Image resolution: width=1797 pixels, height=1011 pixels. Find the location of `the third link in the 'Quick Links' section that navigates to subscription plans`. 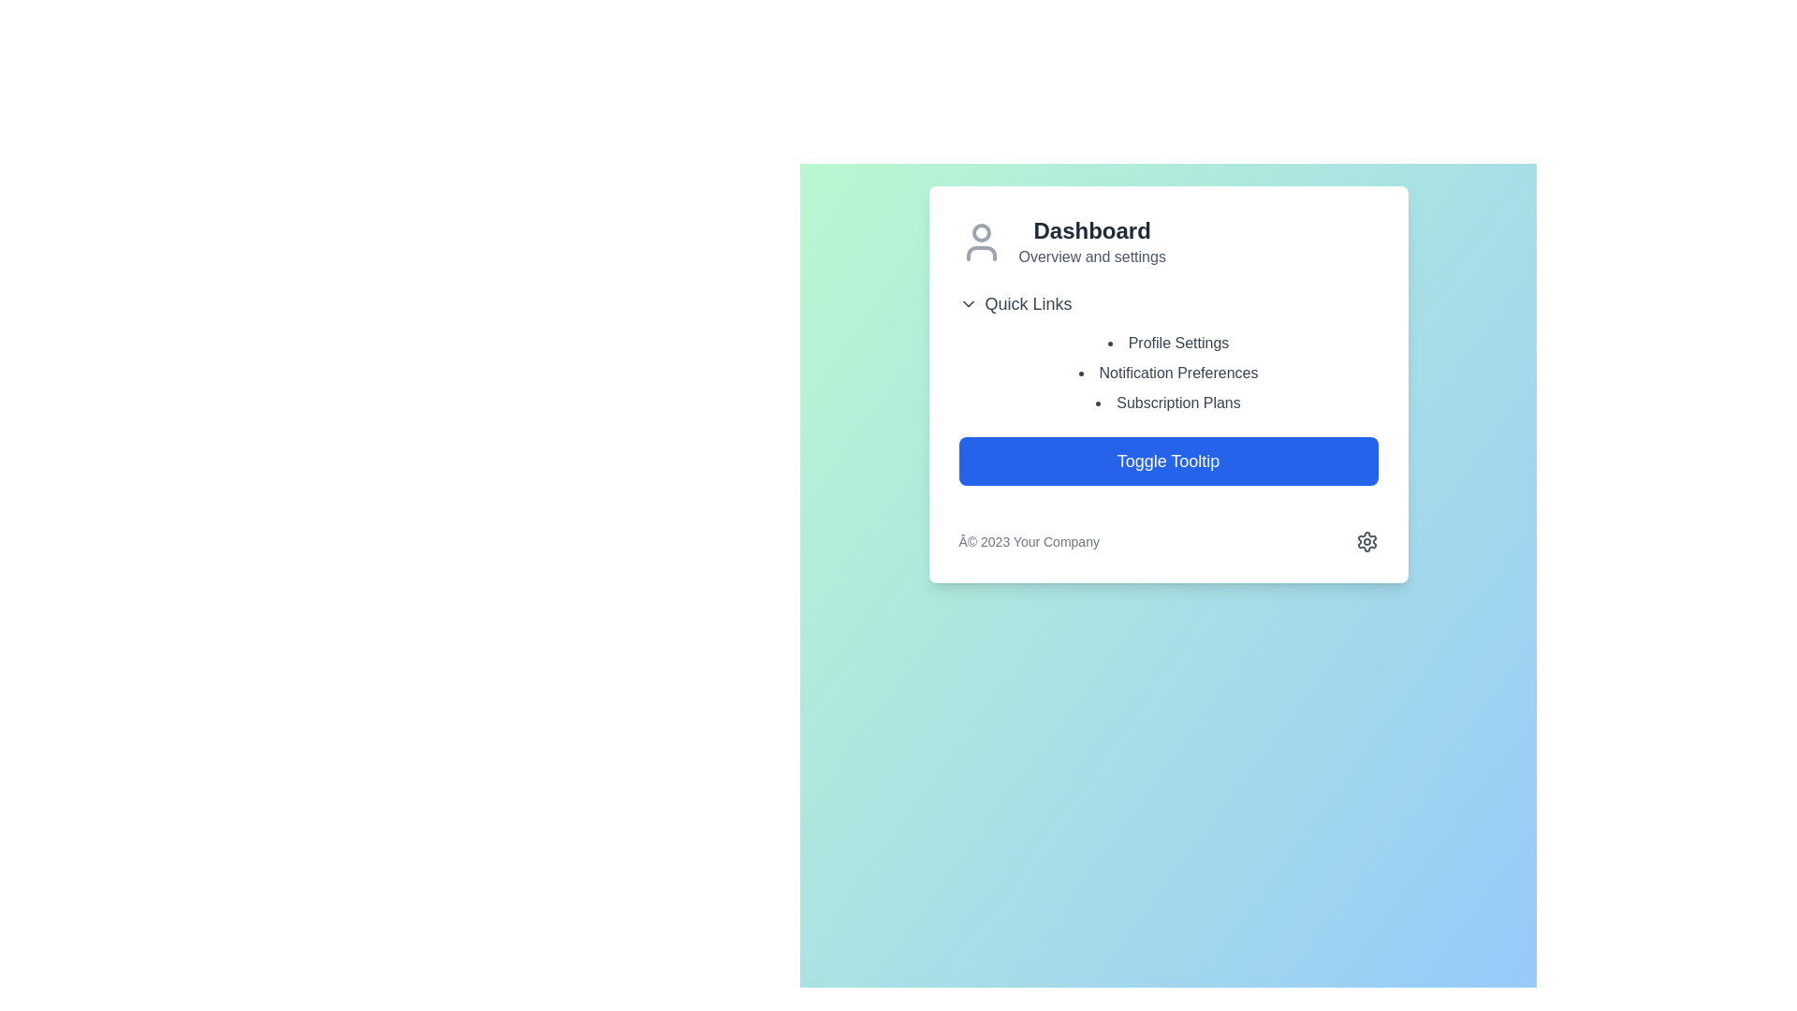

the third link in the 'Quick Links' section that navigates to subscription plans is located at coordinates (1167, 403).